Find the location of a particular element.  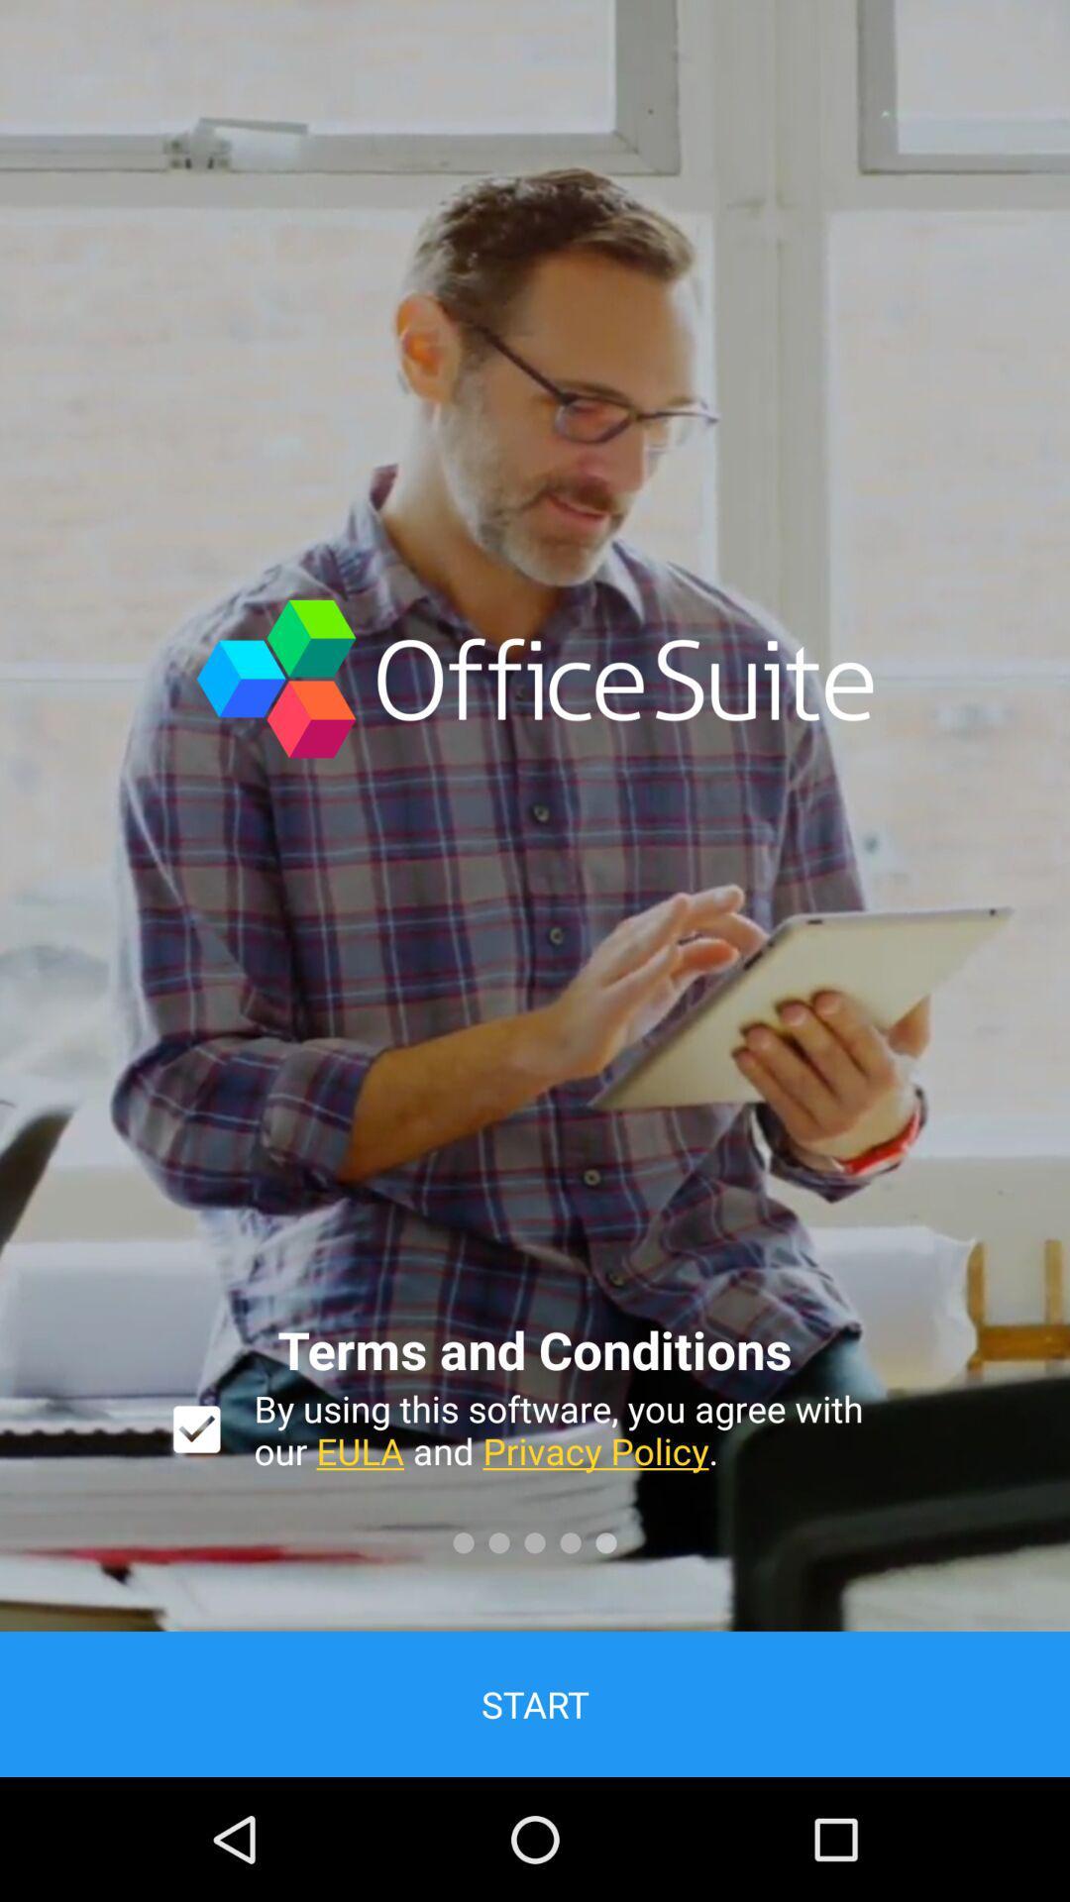

the fourth circle symbol below privacy policy is located at coordinates (570, 1541).